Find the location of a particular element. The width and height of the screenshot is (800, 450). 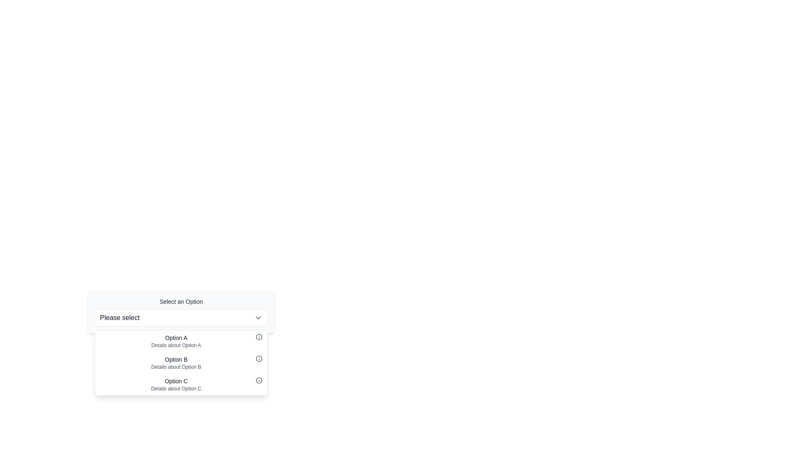

supplementary text element that displays 'Details about Option A', which is styled in a small gray font and located below the heading 'Option A' within the dropdown menu is located at coordinates (175, 345).